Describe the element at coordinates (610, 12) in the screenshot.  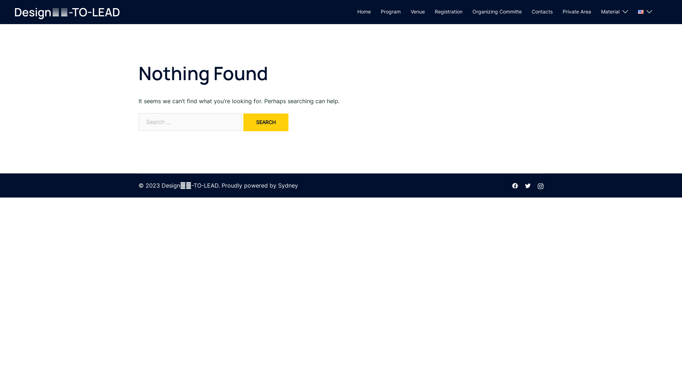
I see `'Material'` at that location.